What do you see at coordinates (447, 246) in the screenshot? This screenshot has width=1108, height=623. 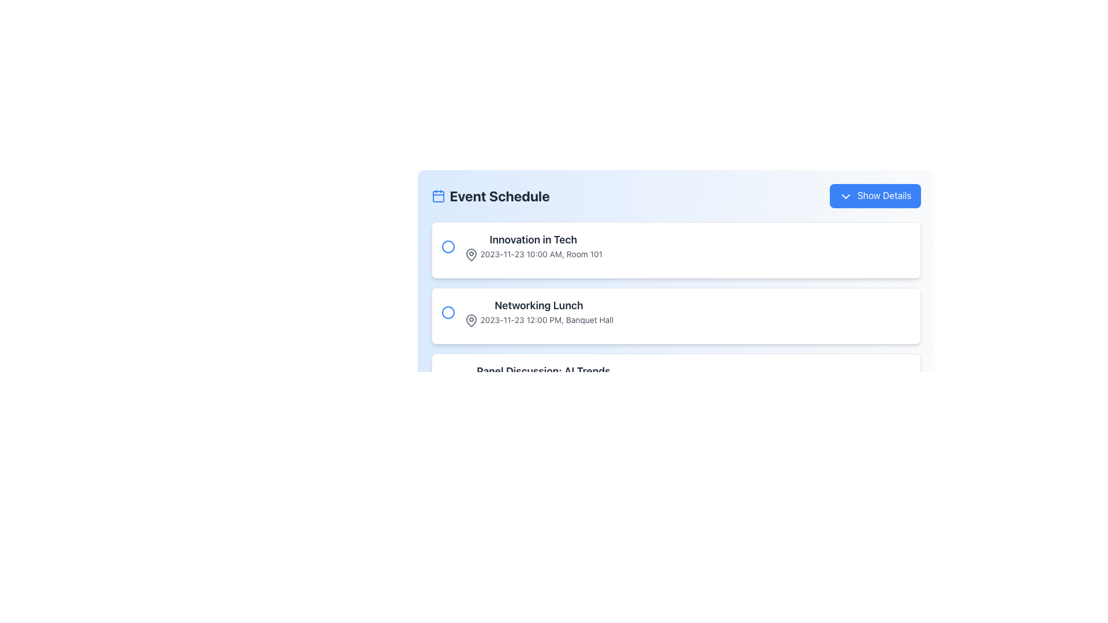 I see `the status indicator icon for the event titled 'Innovation in Tech 2023-11-23 10:00 AM, Room 101', which is positioned to the left of the event title` at bounding box center [447, 246].